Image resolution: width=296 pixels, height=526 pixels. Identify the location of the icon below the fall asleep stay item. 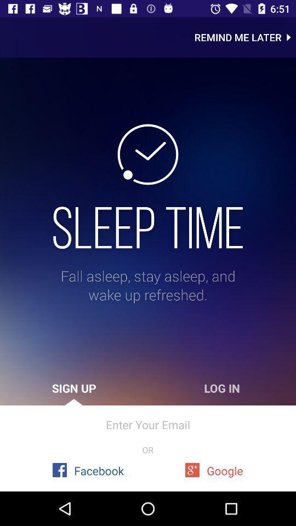
(74, 388).